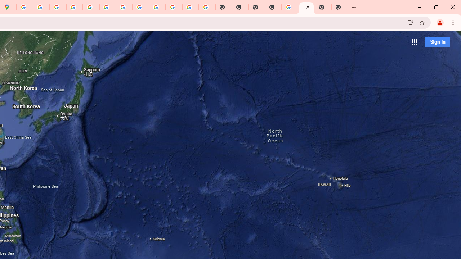  What do you see at coordinates (339, 7) in the screenshot?
I see `'New Tab'` at bounding box center [339, 7].